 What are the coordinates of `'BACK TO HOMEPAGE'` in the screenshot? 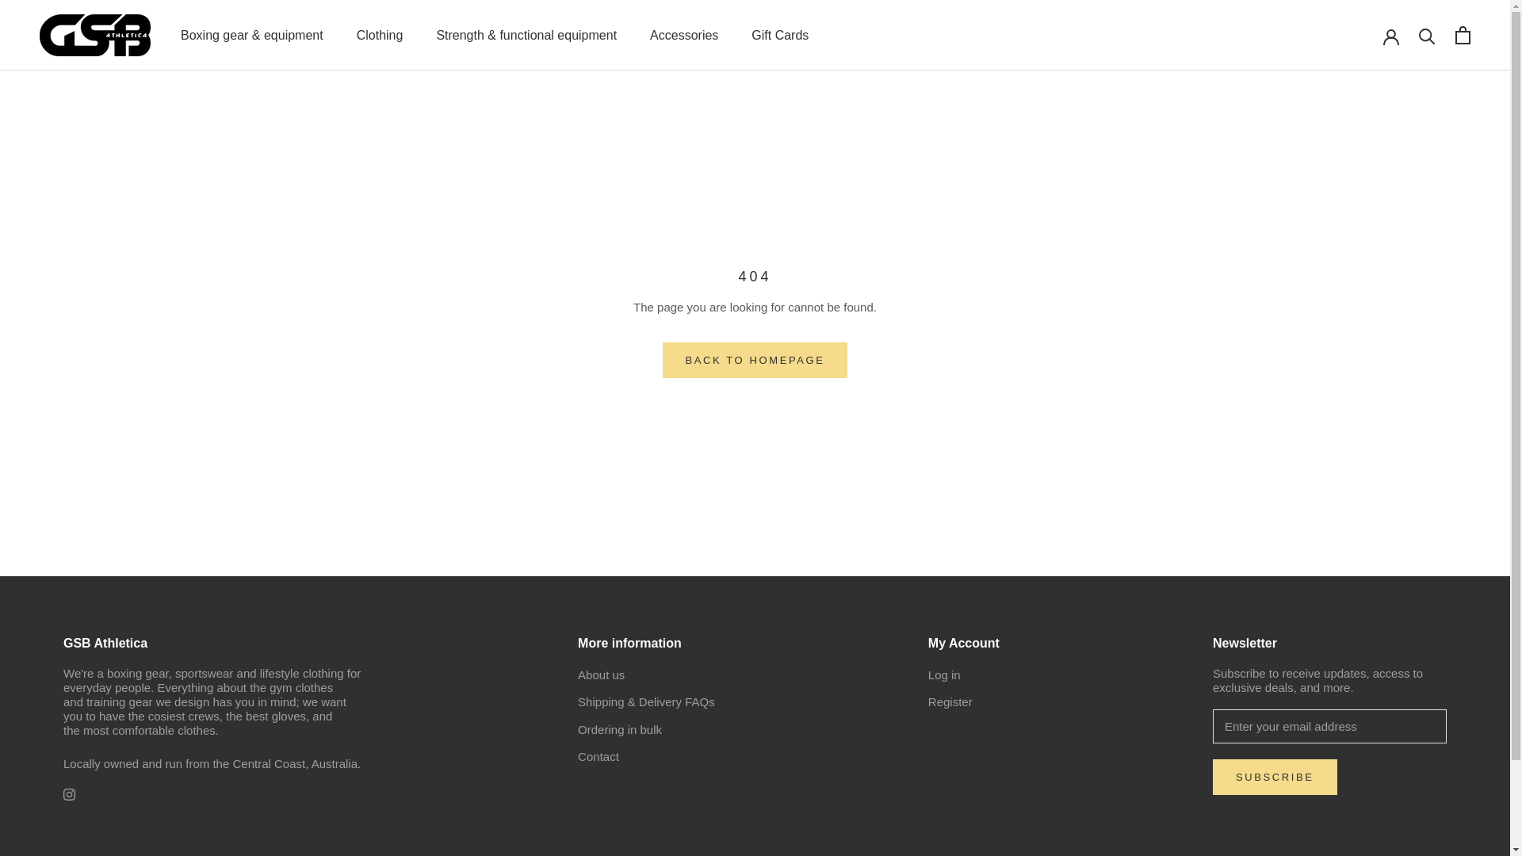 It's located at (755, 360).